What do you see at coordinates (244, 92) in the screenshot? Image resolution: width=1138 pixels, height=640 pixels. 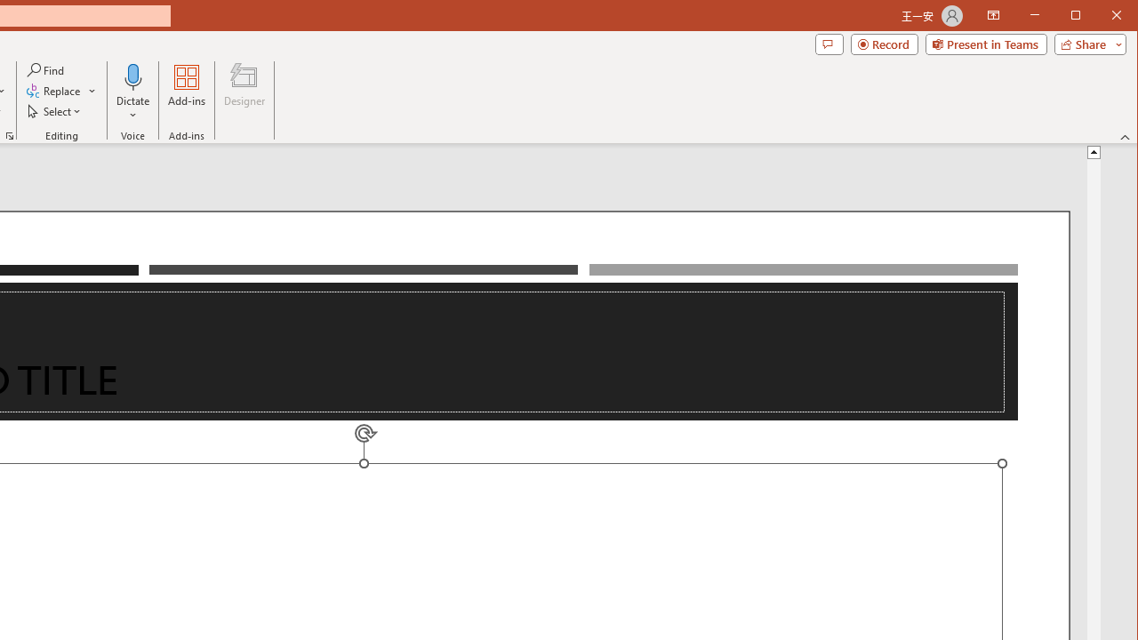 I see `'Designer'` at bounding box center [244, 92].